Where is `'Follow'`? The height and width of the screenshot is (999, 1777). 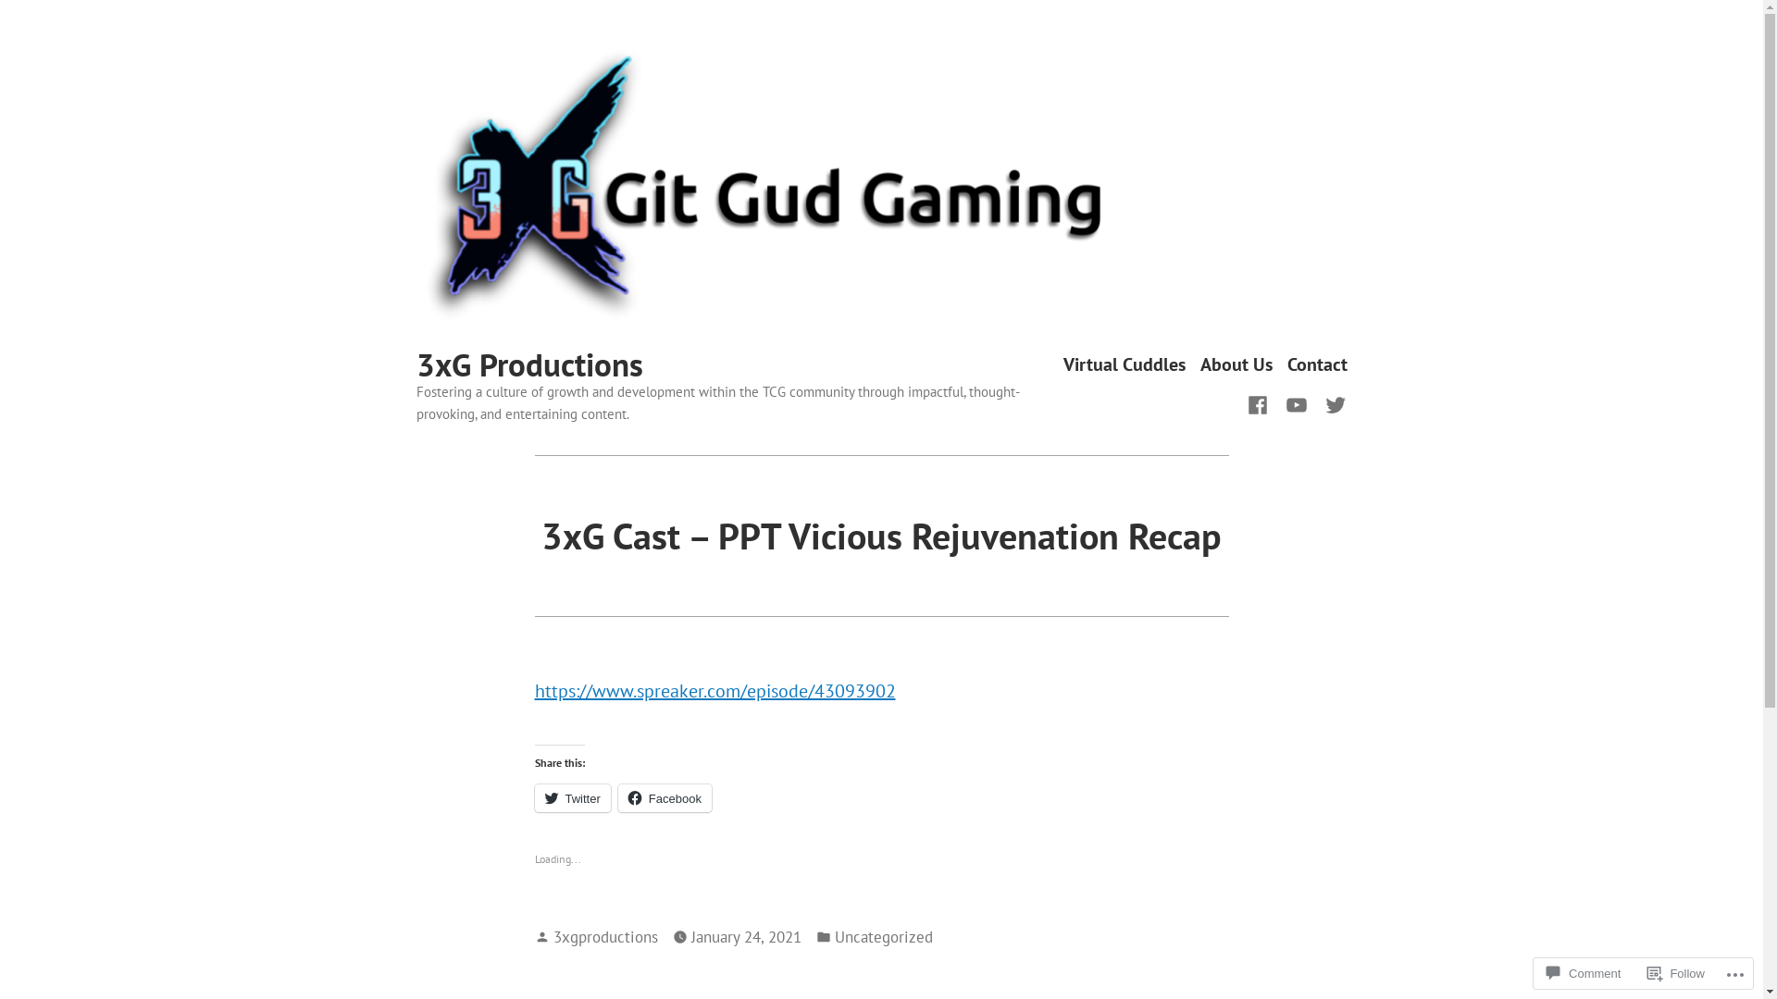 'Follow' is located at coordinates (1675, 972).